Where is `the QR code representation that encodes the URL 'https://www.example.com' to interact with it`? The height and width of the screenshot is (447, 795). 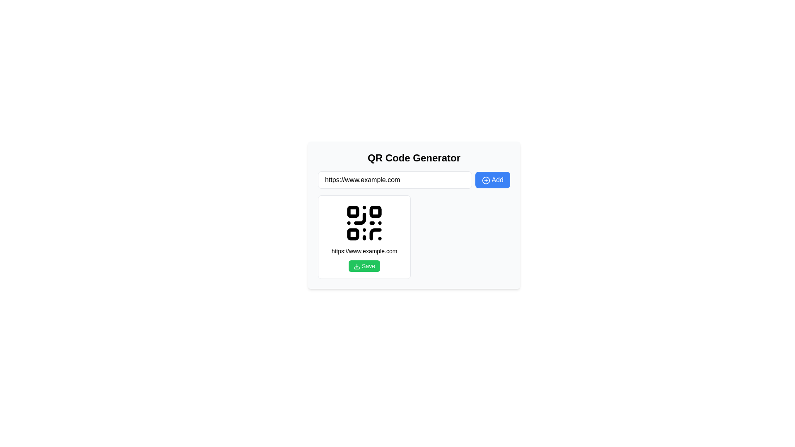
the QR code representation that encodes the URL 'https://www.example.com' to interact with it is located at coordinates (364, 223).